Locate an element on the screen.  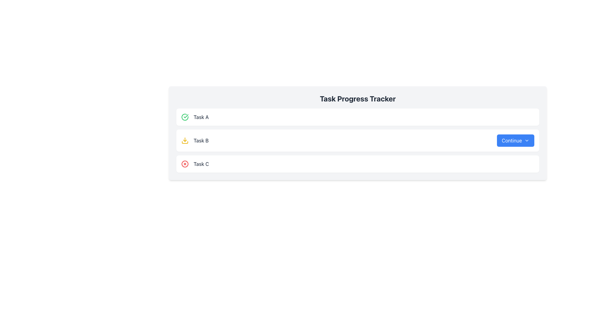
the downwards chevron icon located is located at coordinates (526, 140).